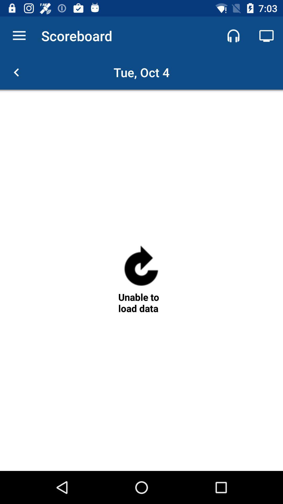  I want to click on the unable to load, so click(141, 303).